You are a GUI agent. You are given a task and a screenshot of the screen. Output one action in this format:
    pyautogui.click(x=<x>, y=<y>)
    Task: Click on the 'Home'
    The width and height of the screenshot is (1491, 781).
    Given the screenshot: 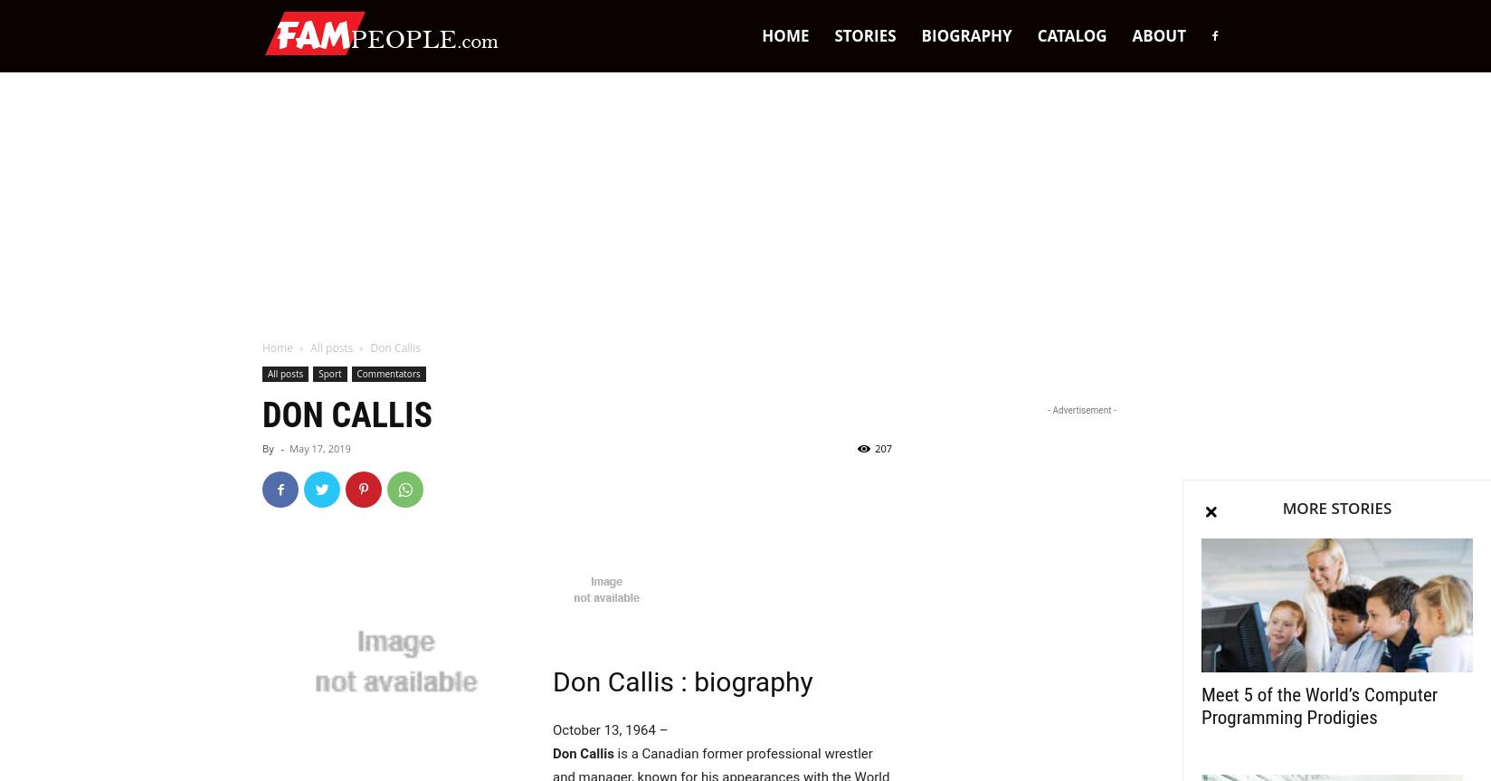 What is the action you would take?
    pyautogui.click(x=277, y=348)
    